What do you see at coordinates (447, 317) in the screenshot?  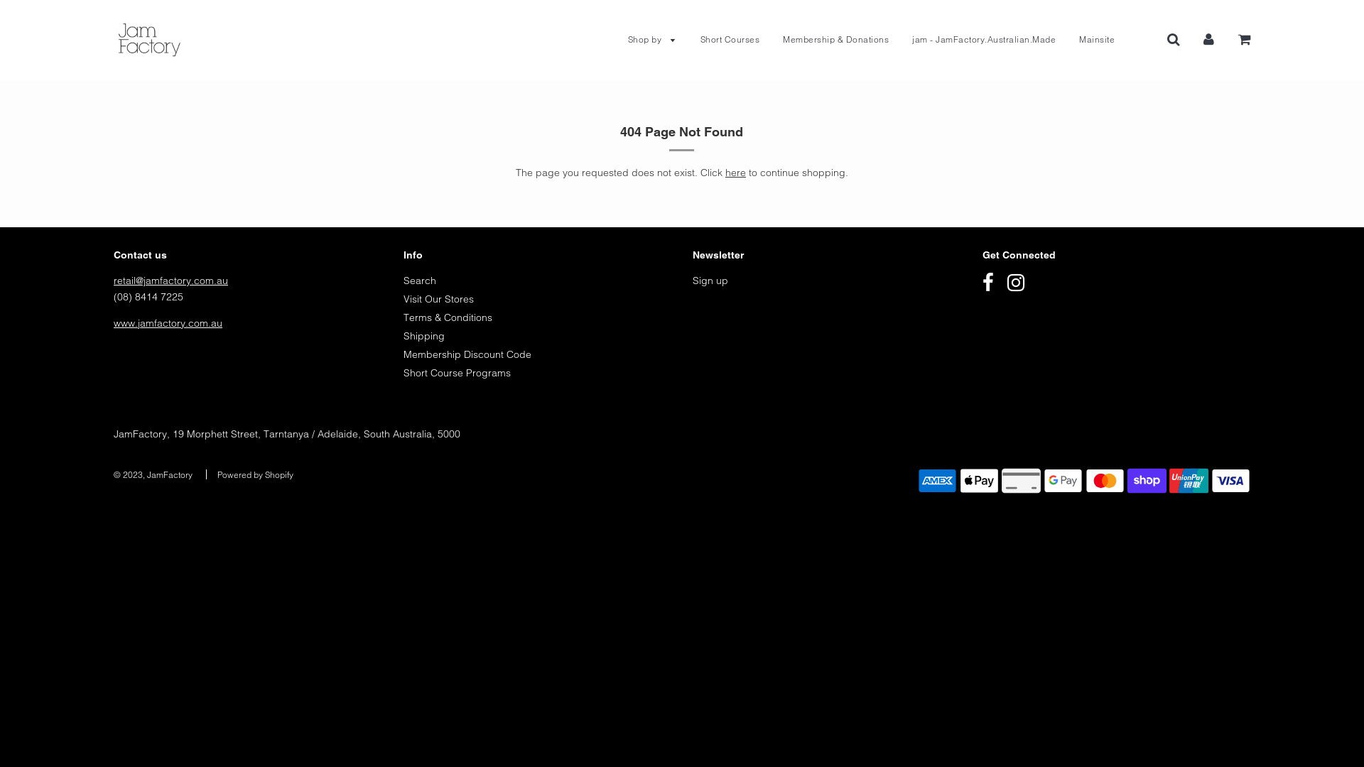 I see `'Terms & Conditions'` at bounding box center [447, 317].